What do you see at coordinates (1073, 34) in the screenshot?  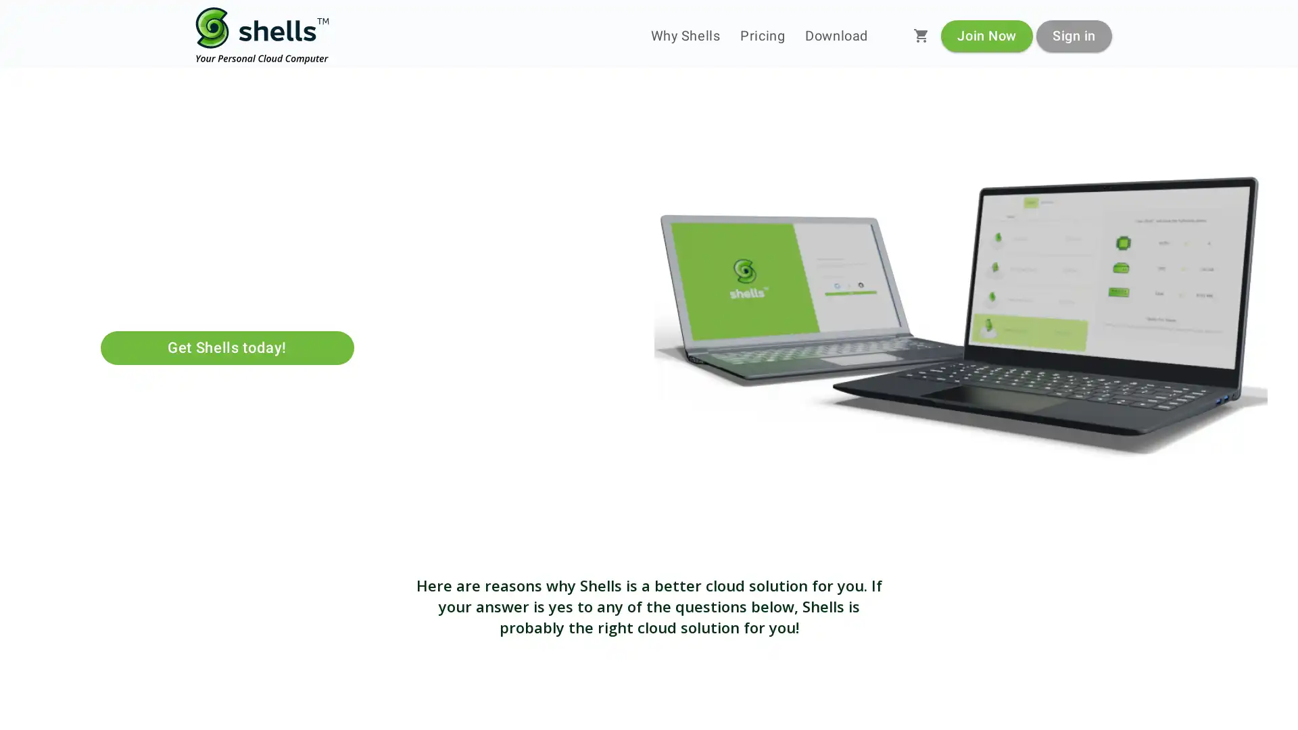 I see `Sign in` at bounding box center [1073, 34].